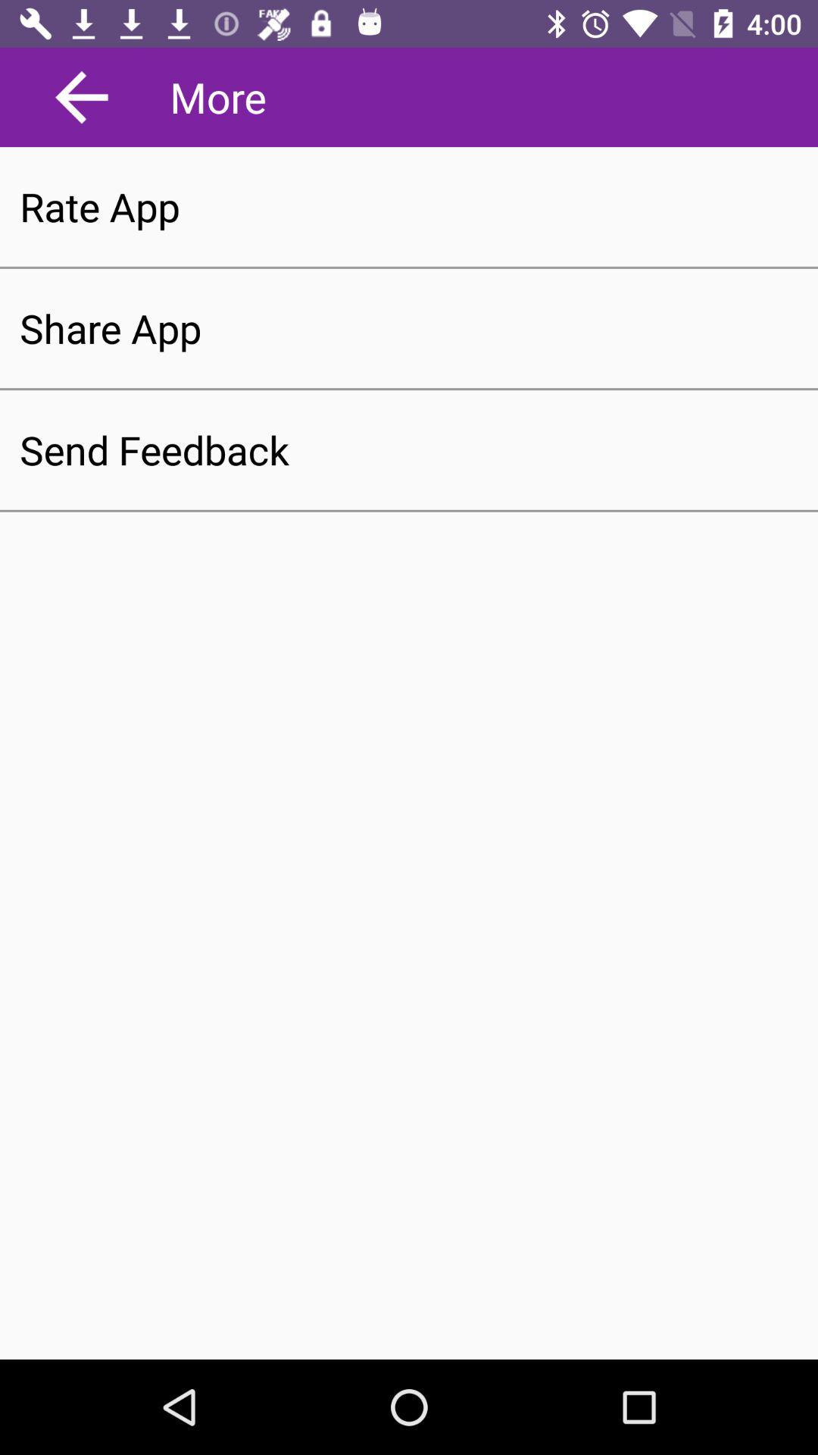  Describe the element at coordinates (82, 96) in the screenshot. I see `app to the left of more app` at that location.